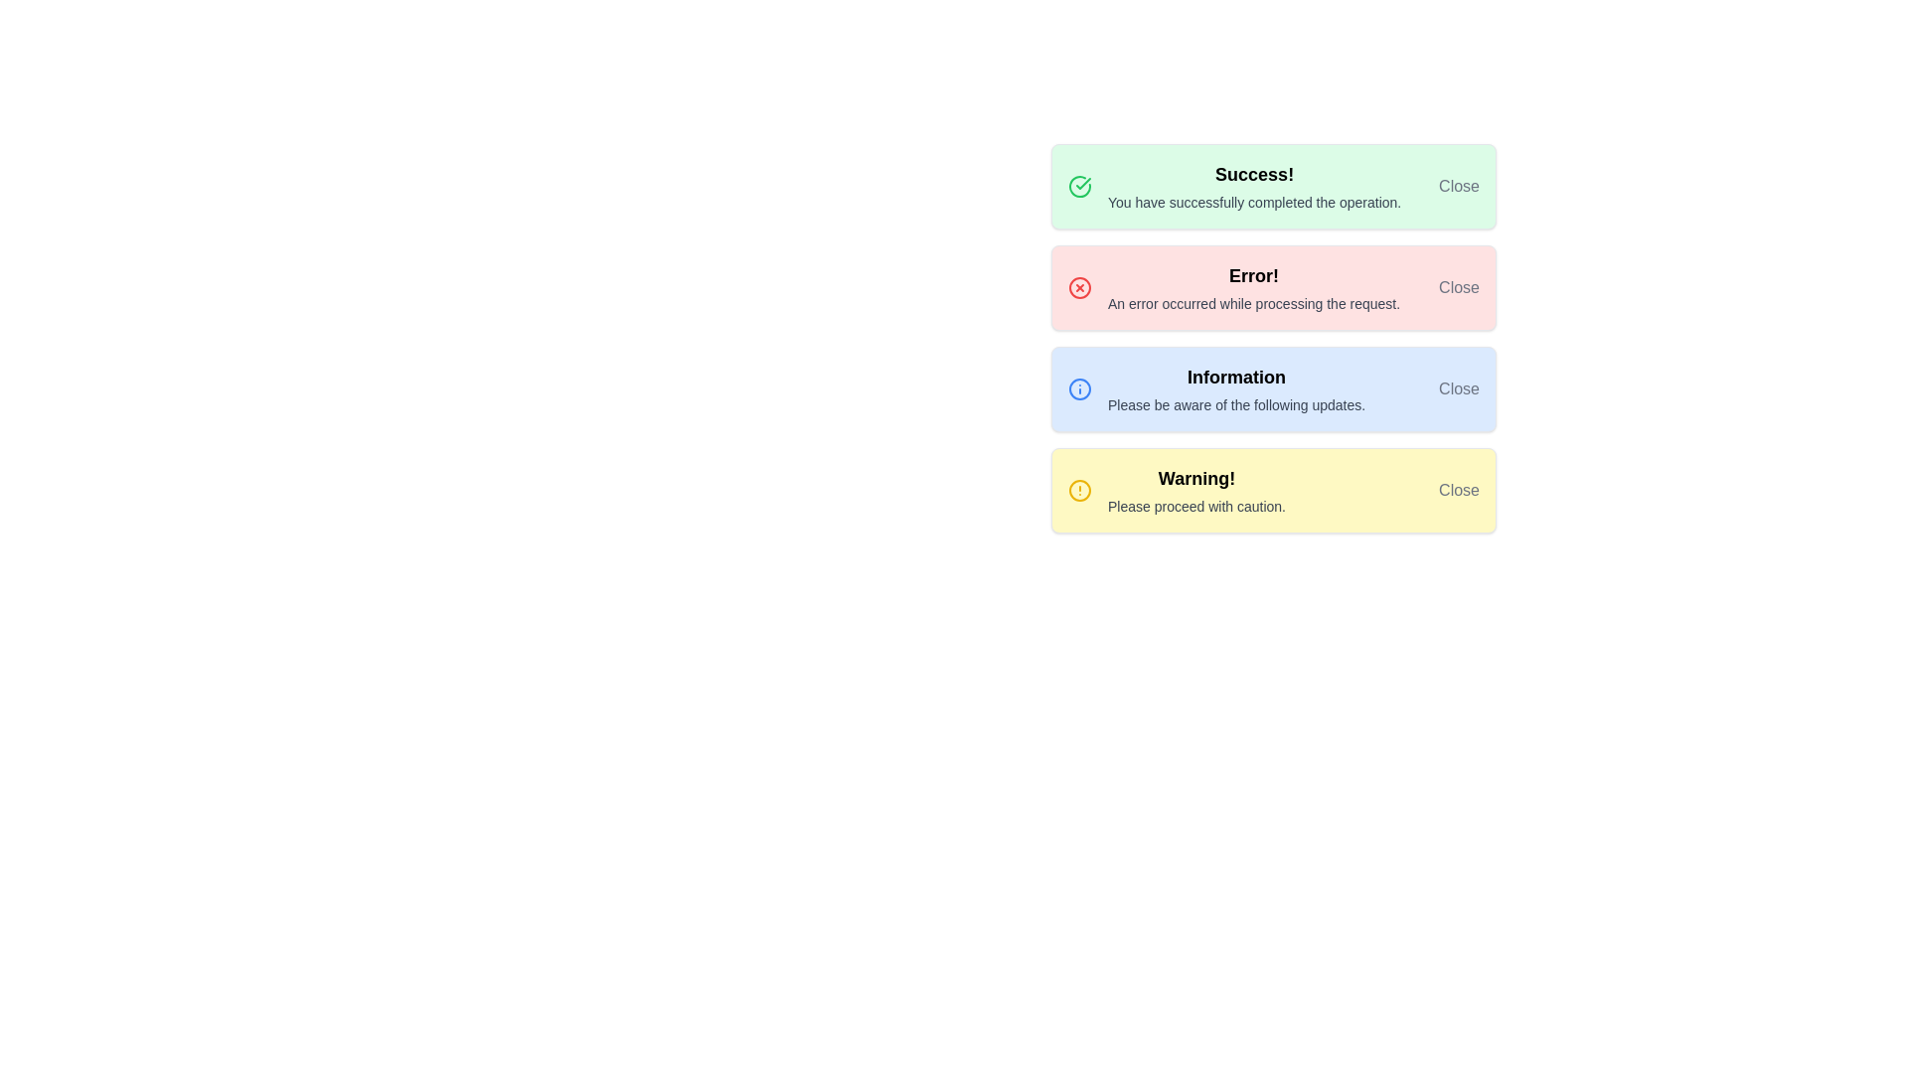 The height and width of the screenshot is (1073, 1908). Describe the element at coordinates (1459, 490) in the screenshot. I see `the dismiss button on the far-right side of the 'Warning' notification` at that location.